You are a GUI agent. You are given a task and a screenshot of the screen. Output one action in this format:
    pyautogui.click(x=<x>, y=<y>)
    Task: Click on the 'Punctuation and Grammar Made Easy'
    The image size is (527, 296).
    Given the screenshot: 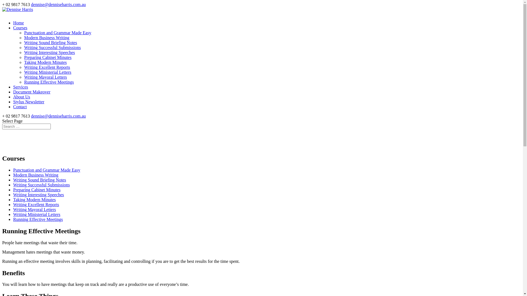 What is the action you would take?
    pyautogui.click(x=46, y=170)
    